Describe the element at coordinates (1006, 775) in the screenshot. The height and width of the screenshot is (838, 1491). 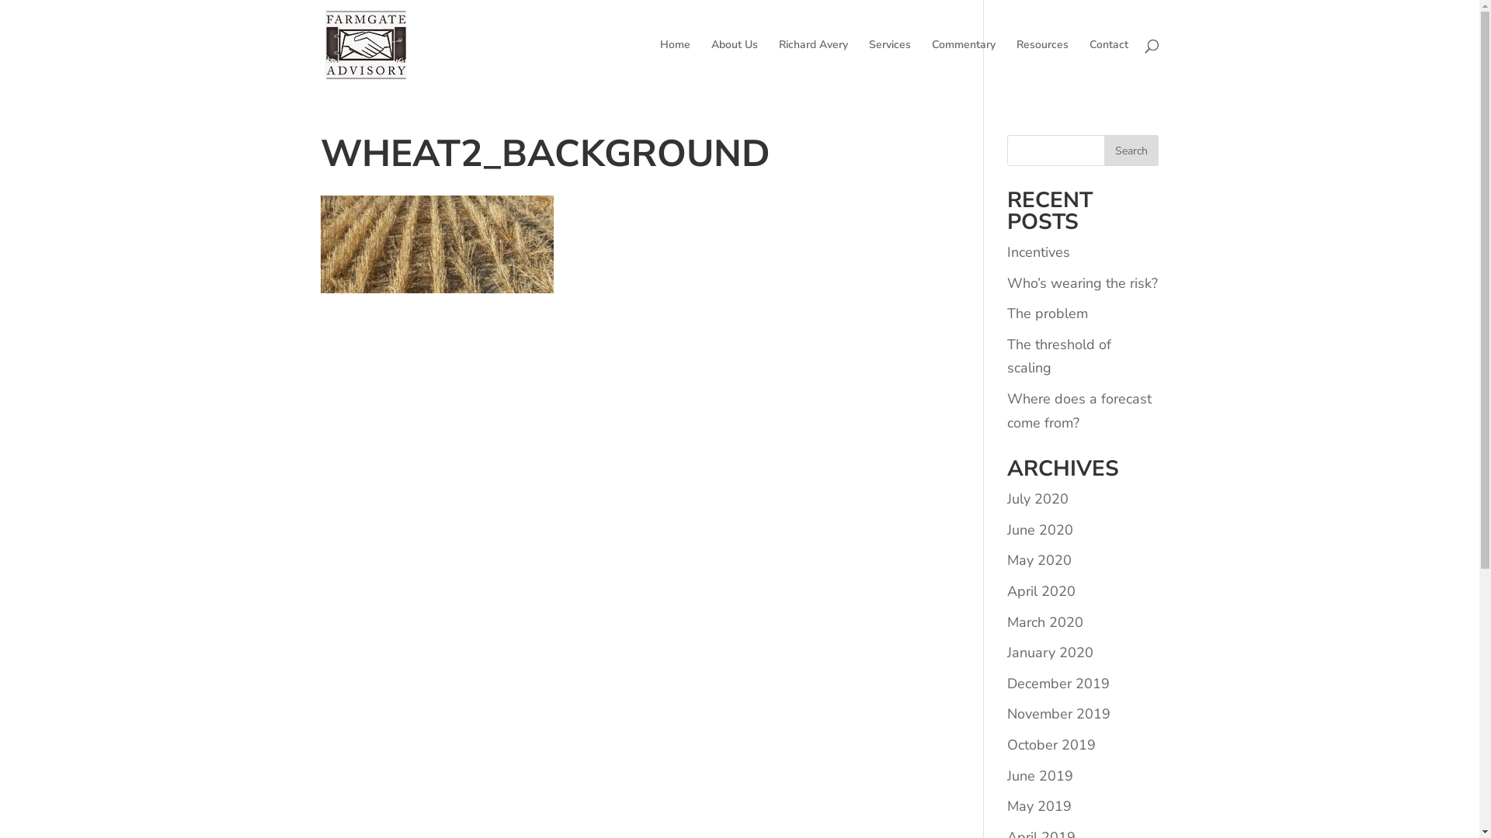
I see `'June 2019'` at that location.